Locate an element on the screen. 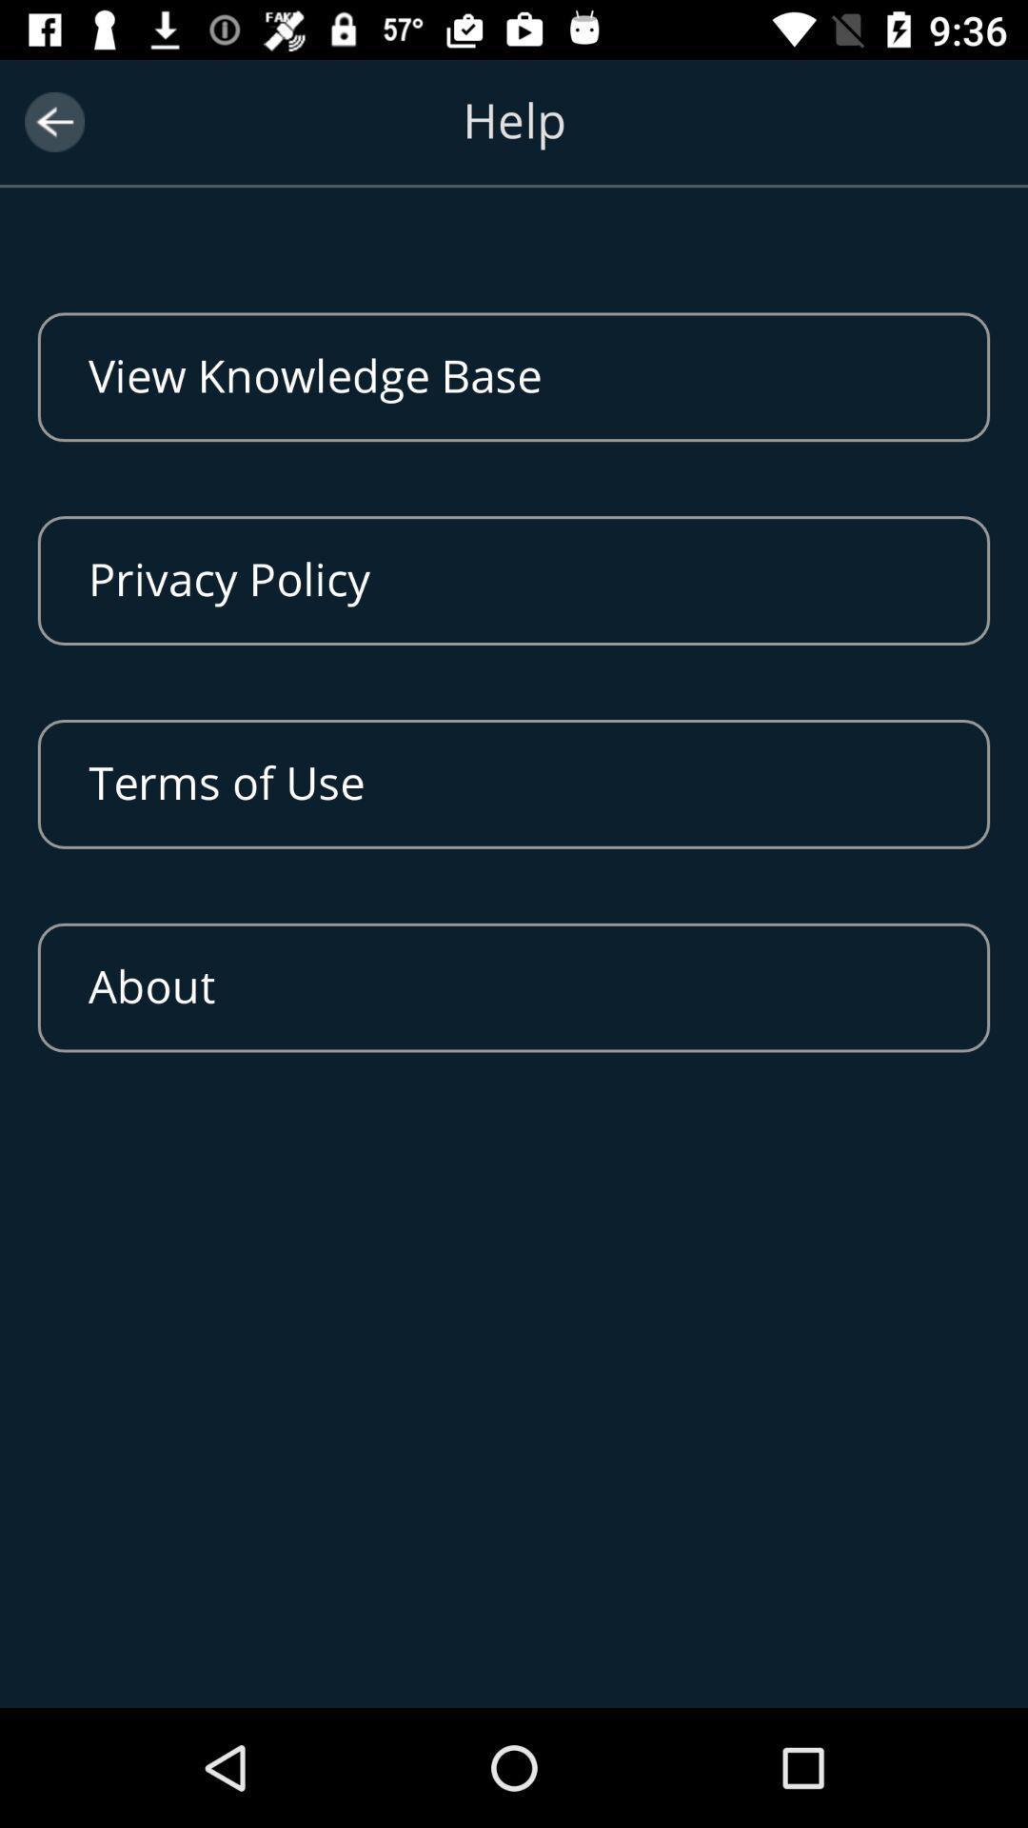  the arrow_backward icon is located at coordinates (53, 121).